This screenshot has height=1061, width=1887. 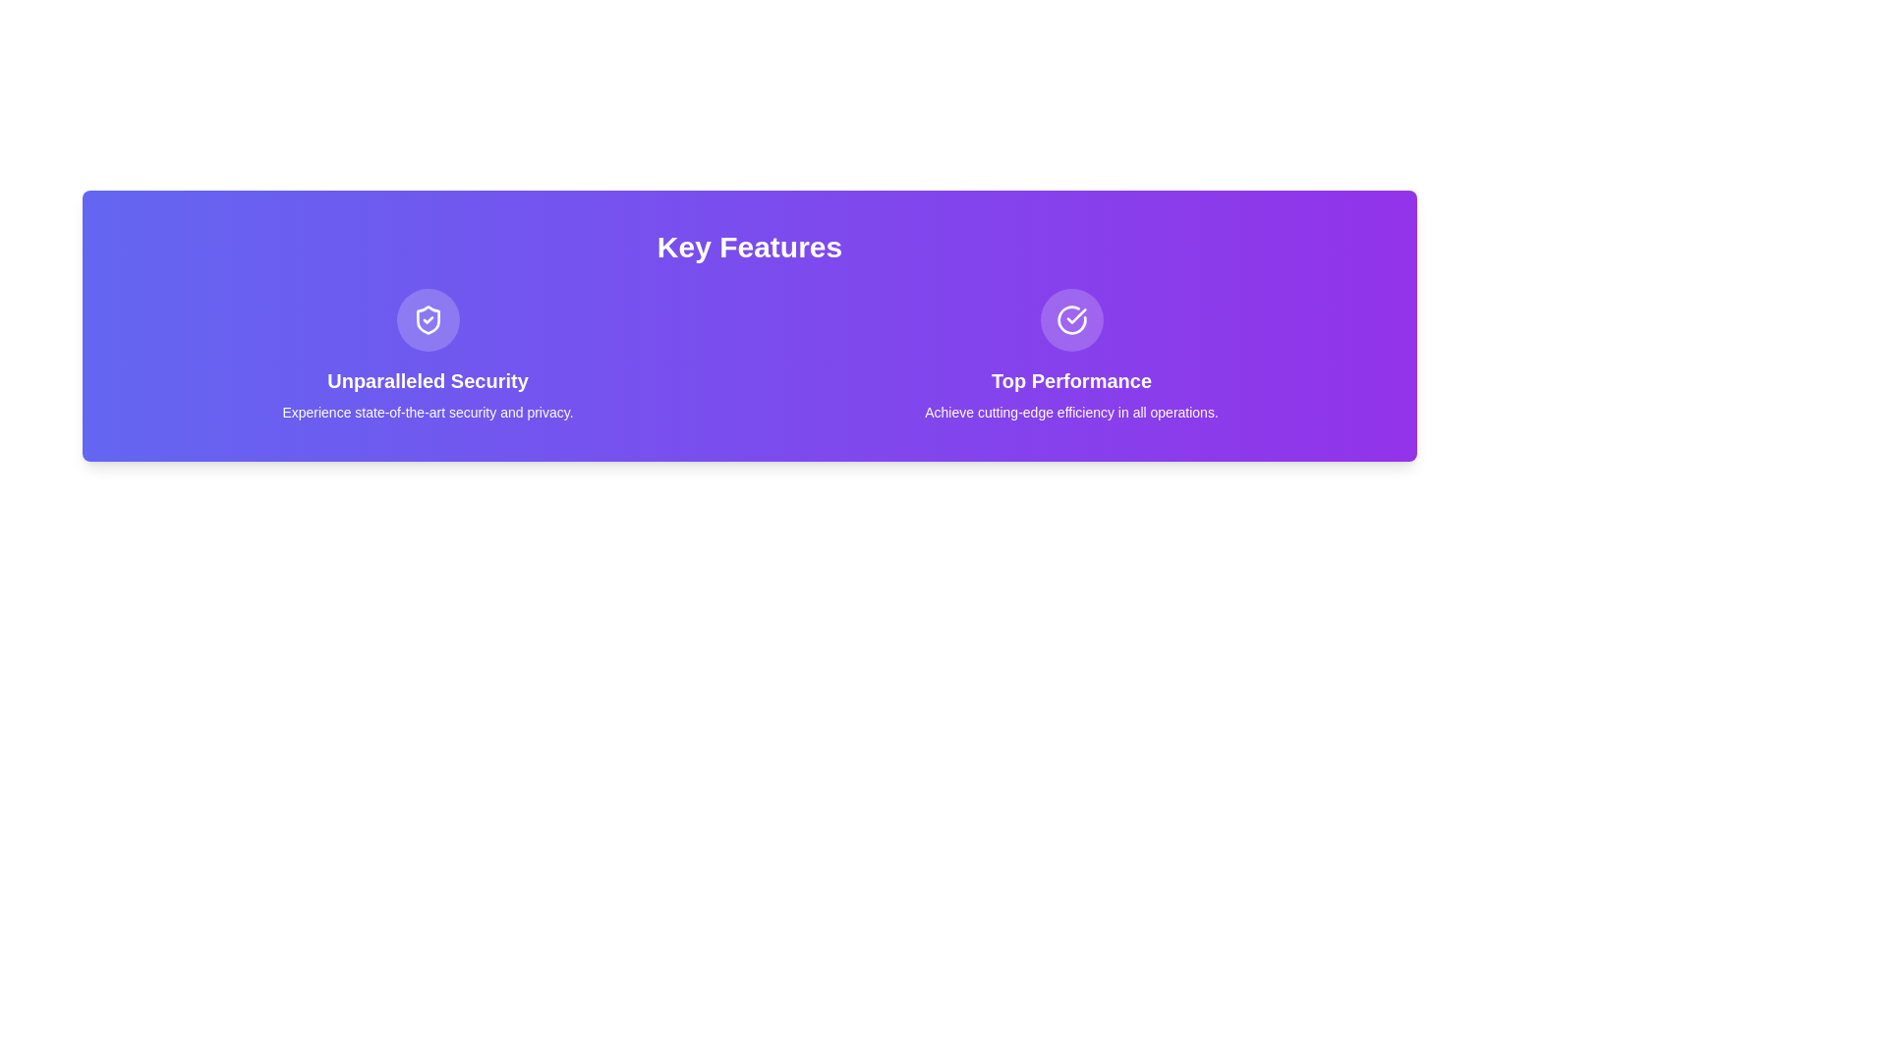 What do you see at coordinates (1070, 412) in the screenshot?
I see `descriptive information displayed in the Text element located under the 'Top Performance' title and checkmark icon` at bounding box center [1070, 412].